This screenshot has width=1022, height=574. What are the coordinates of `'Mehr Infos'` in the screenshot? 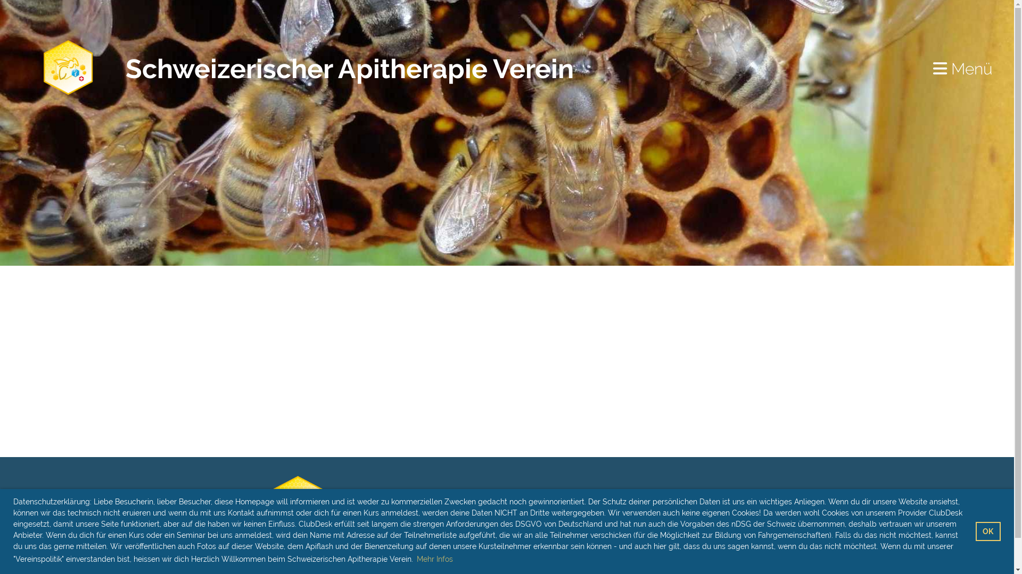 It's located at (434, 559).